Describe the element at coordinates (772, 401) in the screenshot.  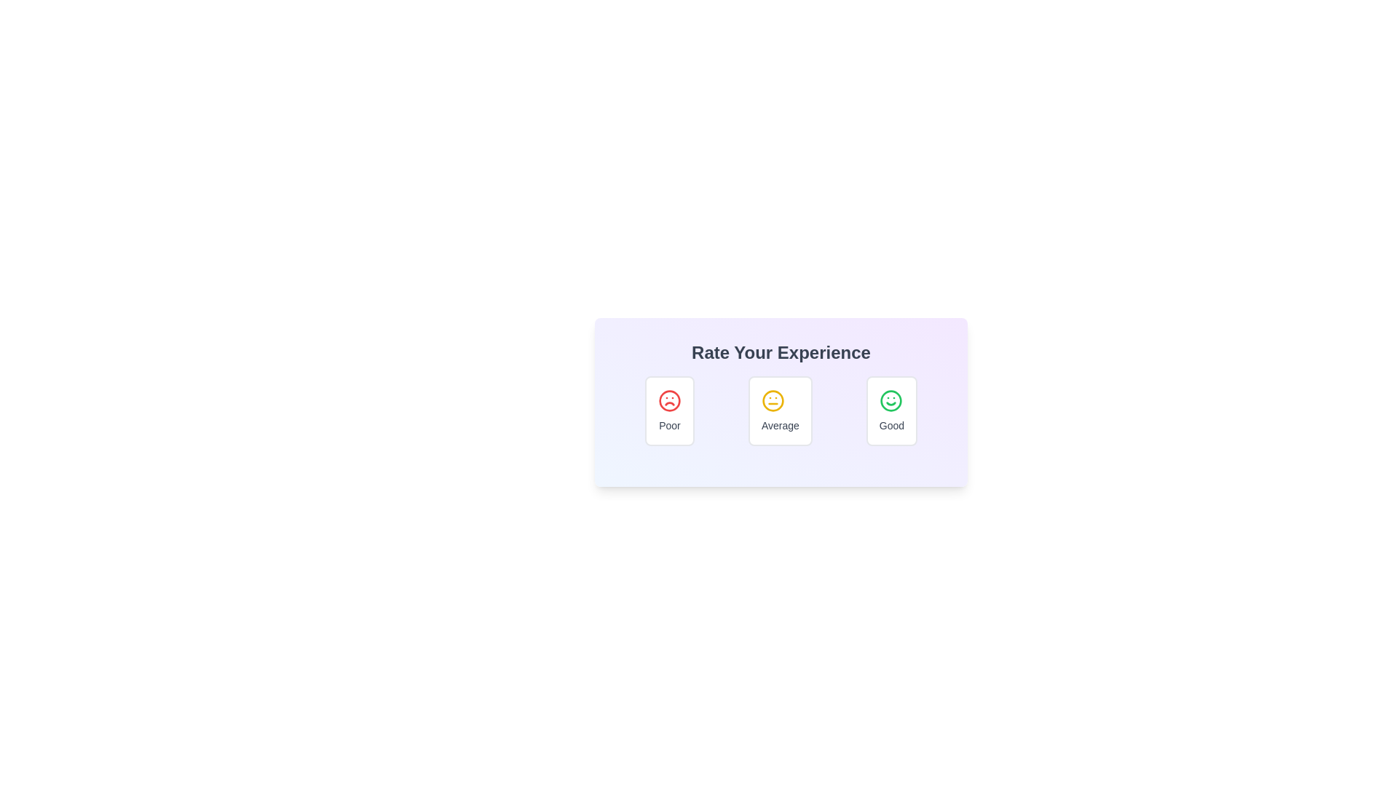
I see `the neutral feedback icon located in the center of the 'Rate Your Experience' section, positioned between the 'Poor' and 'Good' options` at that location.